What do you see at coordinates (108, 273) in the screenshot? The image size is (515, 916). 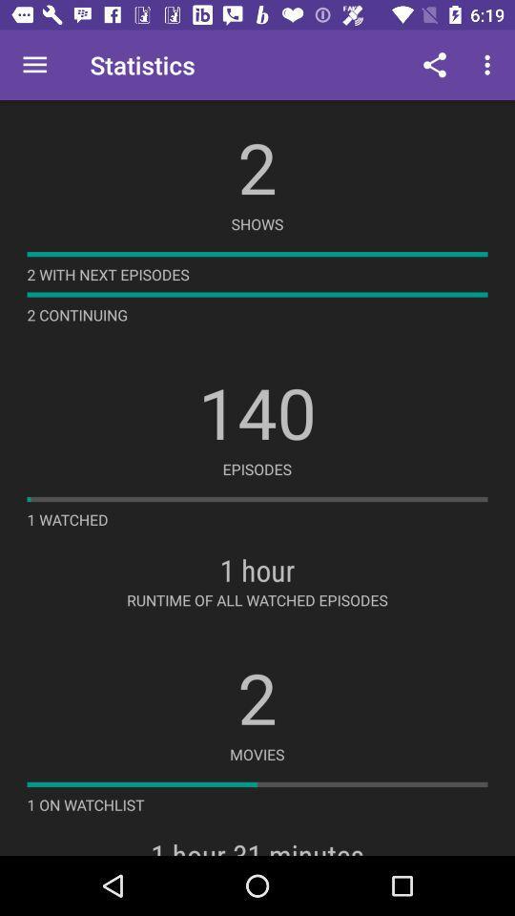 I see `2 with next icon` at bounding box center [108, 273].